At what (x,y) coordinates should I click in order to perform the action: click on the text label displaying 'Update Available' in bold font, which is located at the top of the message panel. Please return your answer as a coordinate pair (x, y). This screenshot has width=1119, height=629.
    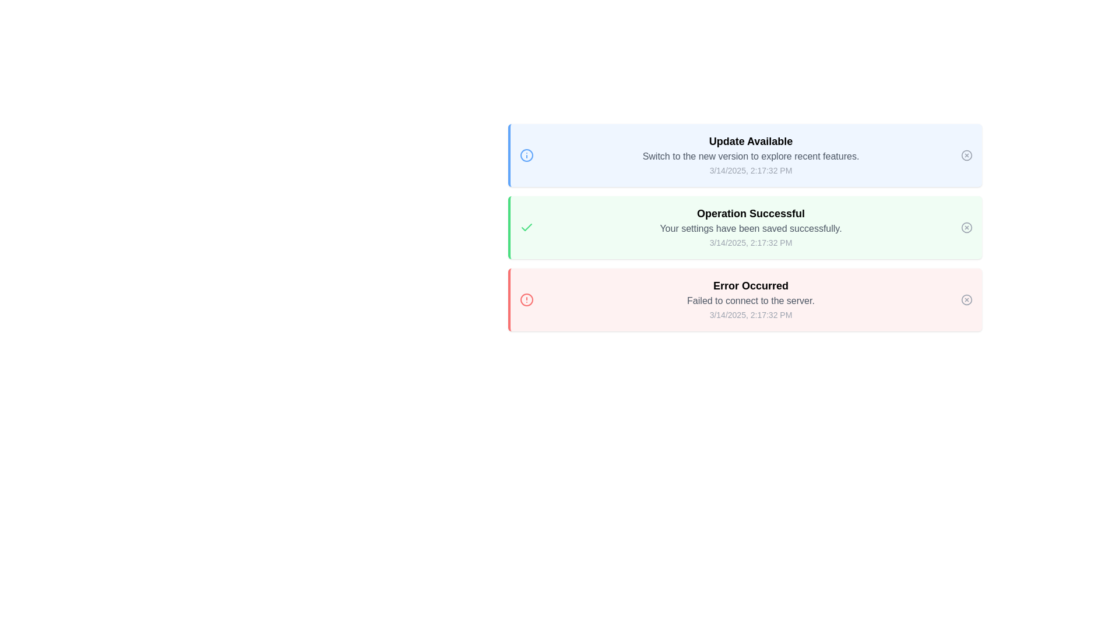
    Looking at the image, I should click on (751, 141).